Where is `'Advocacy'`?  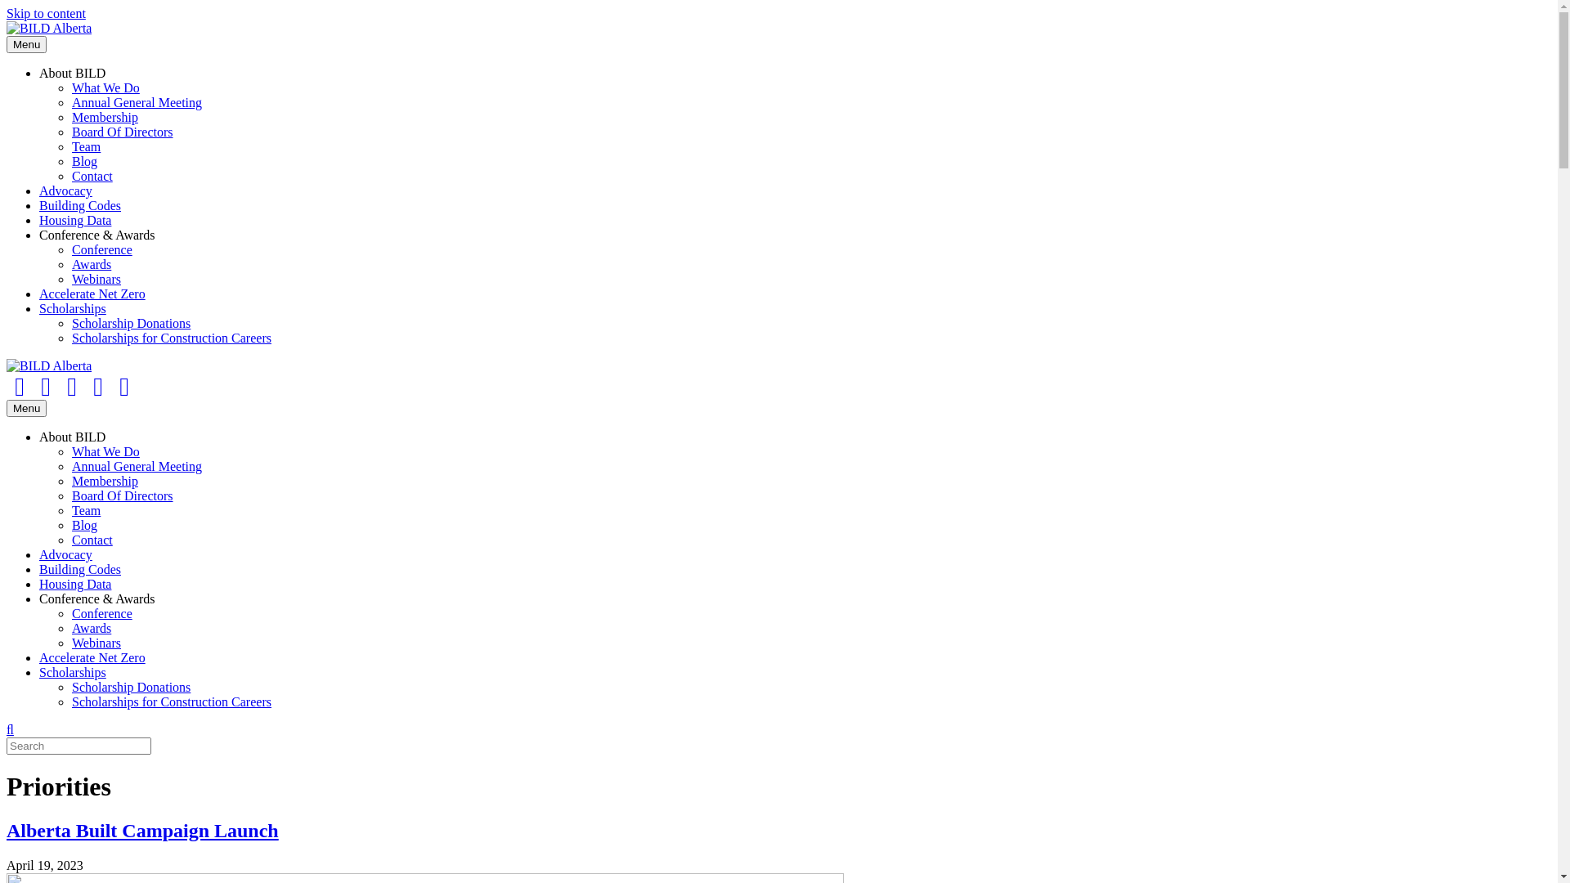 'Advocacy' is located at coordinates (65, 190).